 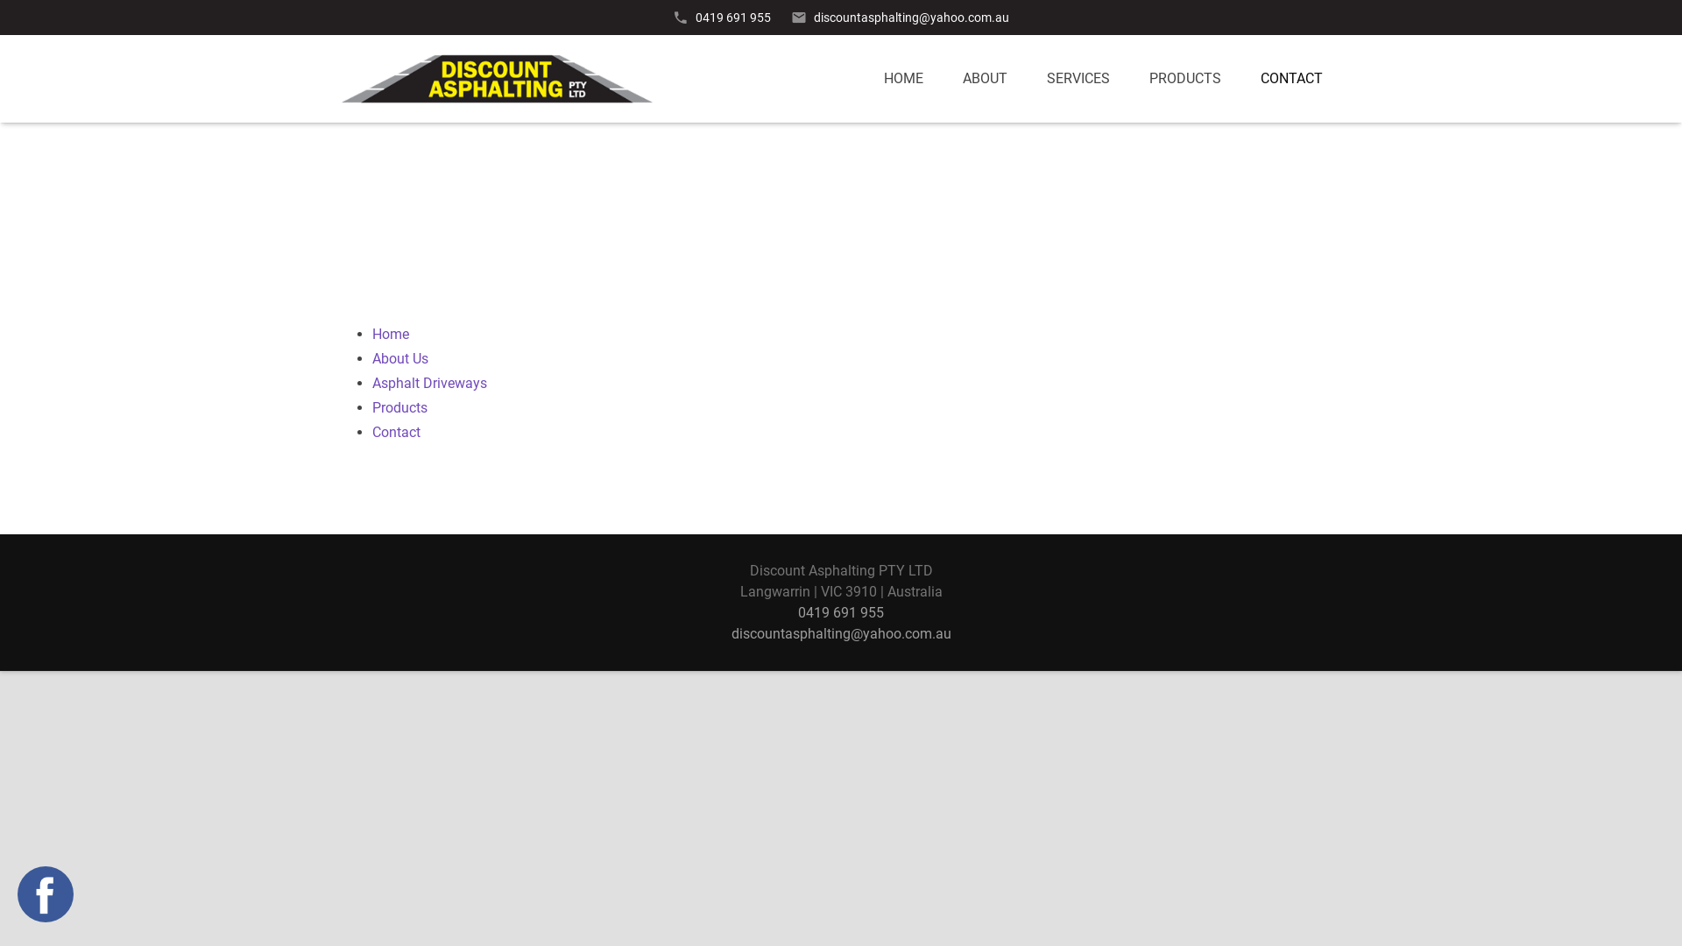 What do you see at coordinates (903, 77) in the screenshot?
I see `'HOME'` at bounding box center [903, 77].